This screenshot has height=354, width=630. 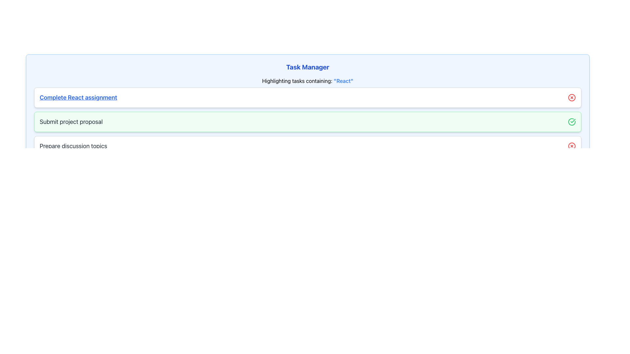 What do you see at coordinates (307, 80) in the screenshot?
I see `text label that displays 'Highlighting tasks containing: "React"' styled with bold blue text, located in the task manager interface just below the 'Task Manager' header` at bounding box center [307, 80].